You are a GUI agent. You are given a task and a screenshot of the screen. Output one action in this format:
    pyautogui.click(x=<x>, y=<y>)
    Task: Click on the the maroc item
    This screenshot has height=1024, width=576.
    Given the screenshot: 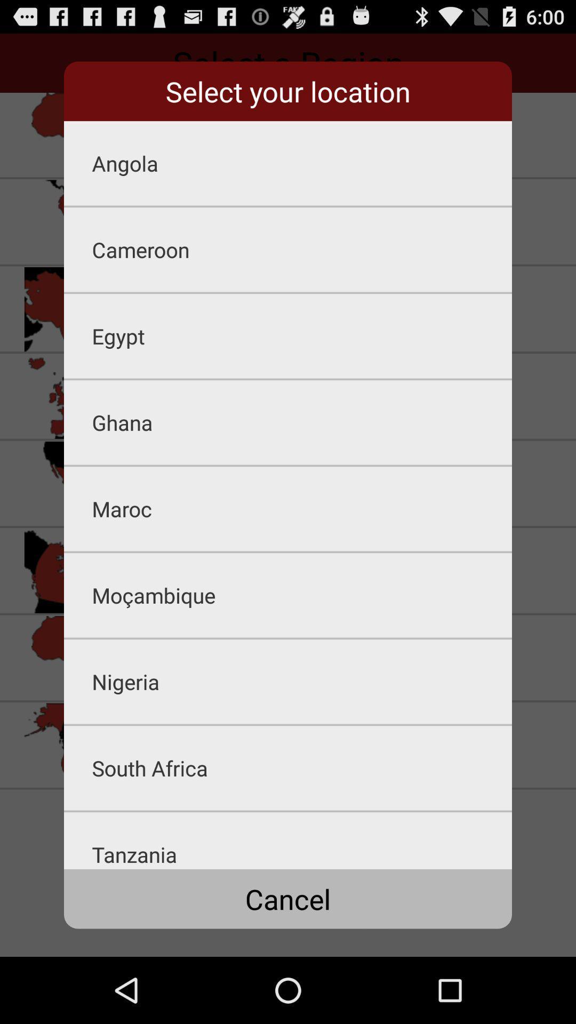 What is the action you would take?
    pyautogui.click(x=302, y=508)
    